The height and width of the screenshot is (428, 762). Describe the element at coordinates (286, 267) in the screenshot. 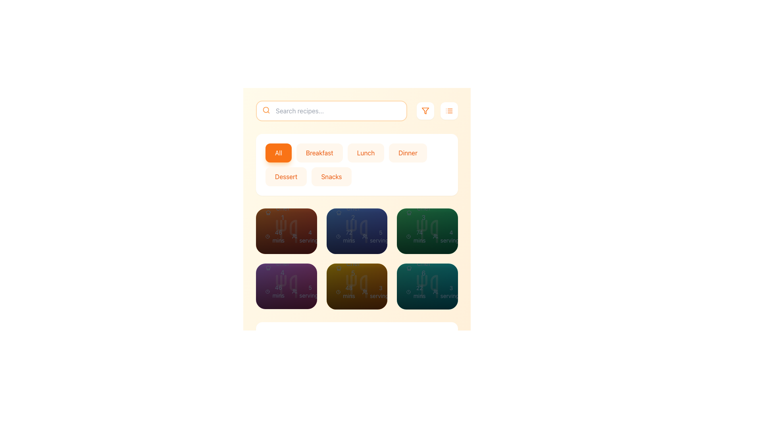

I see `the informational panel at the bottom of the second card in the recipe browsing interface, which displays the recipe details including title, chef name, rating, preparation time, servings, and difficulty level` at that location.